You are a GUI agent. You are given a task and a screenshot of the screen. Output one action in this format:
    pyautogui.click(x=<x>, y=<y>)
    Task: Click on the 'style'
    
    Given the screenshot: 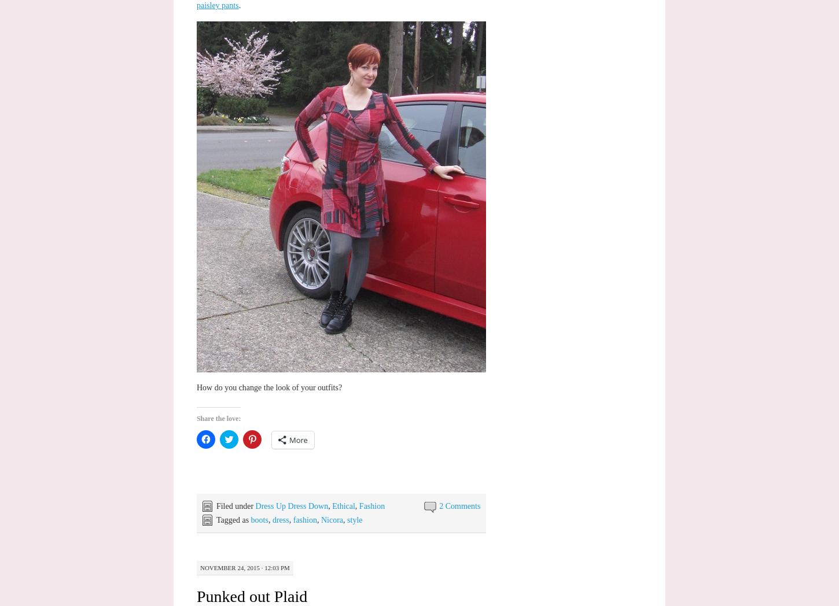 What is the action you would take?
    pyautogui.click(x=354, y=519)
    